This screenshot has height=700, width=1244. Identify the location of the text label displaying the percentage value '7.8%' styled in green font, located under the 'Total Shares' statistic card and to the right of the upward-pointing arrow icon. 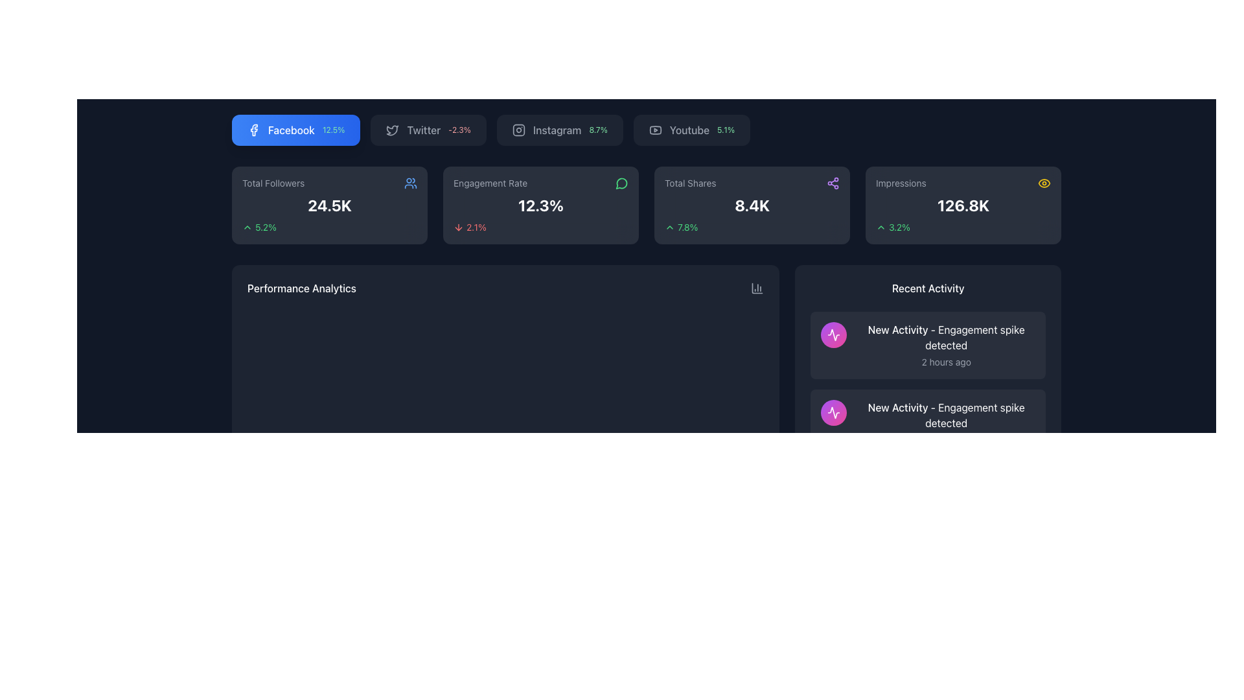
(687, 227).